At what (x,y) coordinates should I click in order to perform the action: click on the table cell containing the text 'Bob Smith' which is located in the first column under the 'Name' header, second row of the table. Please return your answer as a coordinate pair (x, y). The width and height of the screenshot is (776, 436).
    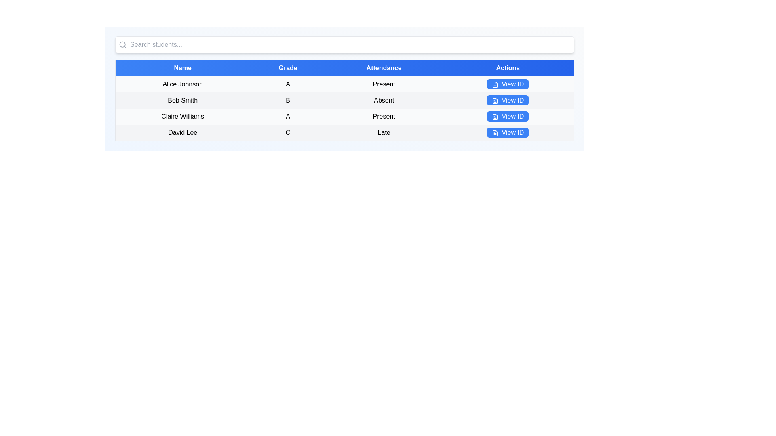
    Looking at the image, I should click on (182, 100).